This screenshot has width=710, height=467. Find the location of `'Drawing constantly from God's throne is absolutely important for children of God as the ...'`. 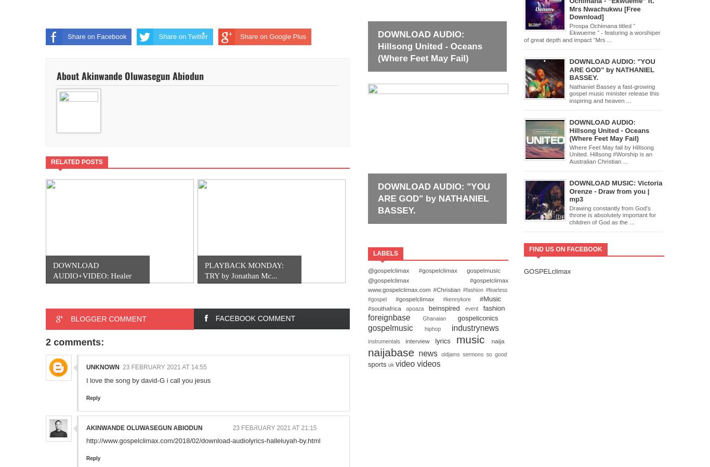

'Drawing constantly from God's throne is absolutely important for children of God as the ...' is located at coordinates (612, 214).